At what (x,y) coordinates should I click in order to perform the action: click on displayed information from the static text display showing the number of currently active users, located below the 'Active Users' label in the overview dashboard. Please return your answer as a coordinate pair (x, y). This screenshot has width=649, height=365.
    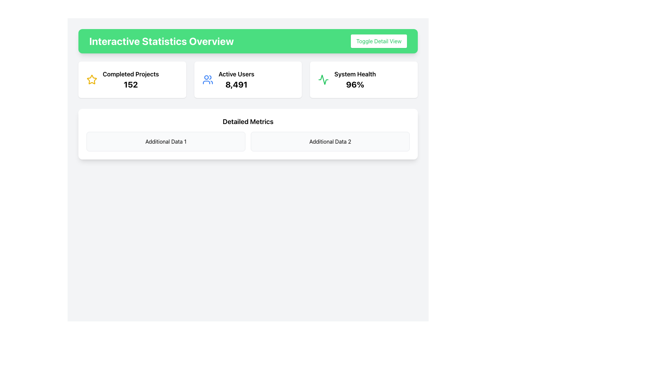
    Looking at the image, I should click on (236, 84).